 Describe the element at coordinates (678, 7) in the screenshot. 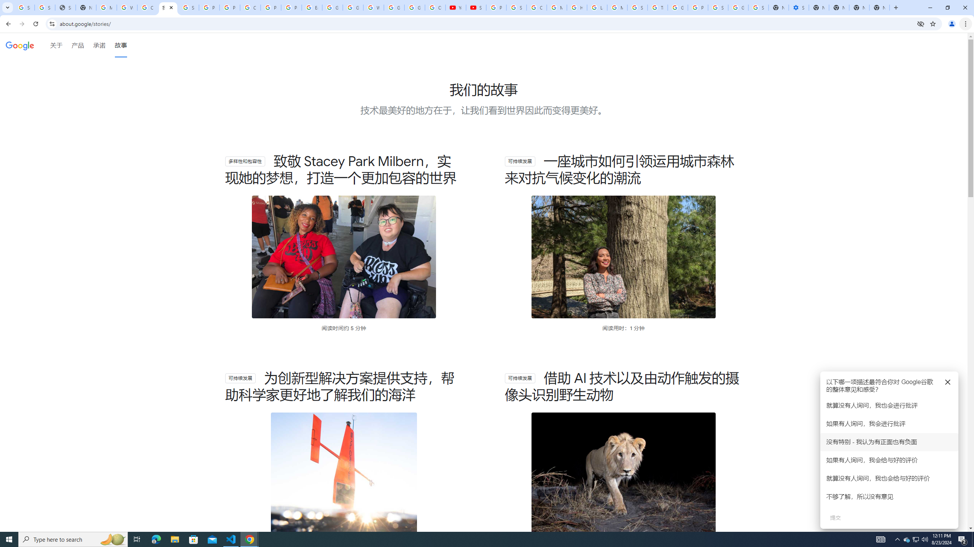

I see `'Google Ads - Sign in'` at that location.